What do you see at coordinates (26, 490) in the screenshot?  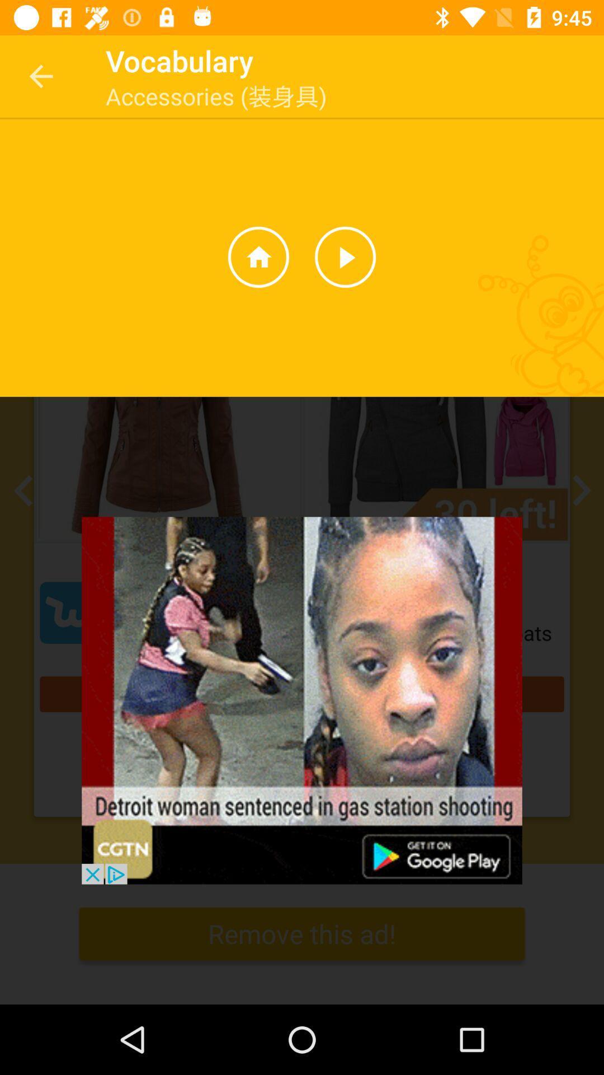 I see `the arrow_backward icon` at bounding box center [26, 490].